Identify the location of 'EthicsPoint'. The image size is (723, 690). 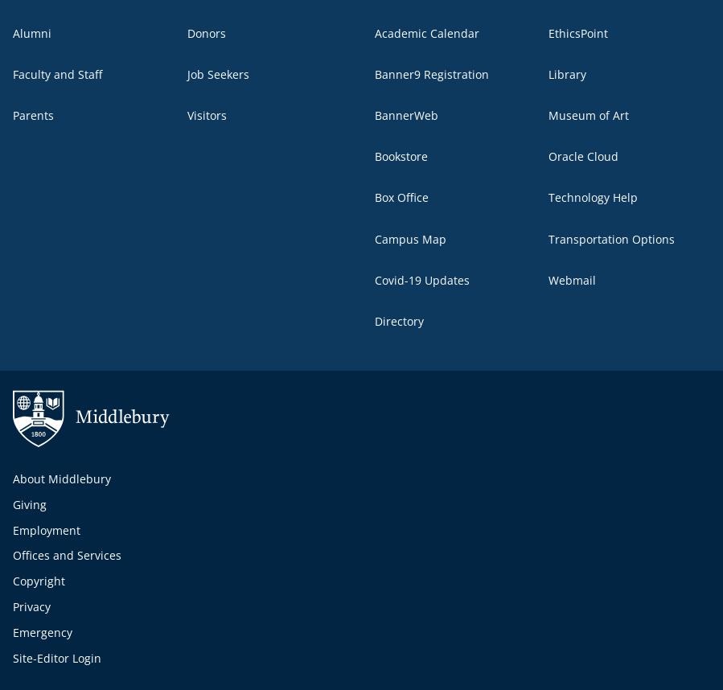
(577, 32).